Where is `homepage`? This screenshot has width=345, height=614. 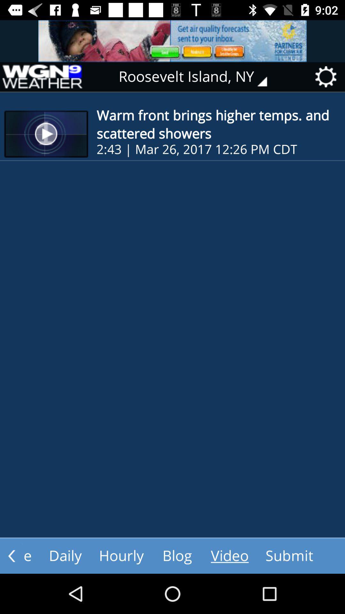
homepage is located at coordinates (42, 77).